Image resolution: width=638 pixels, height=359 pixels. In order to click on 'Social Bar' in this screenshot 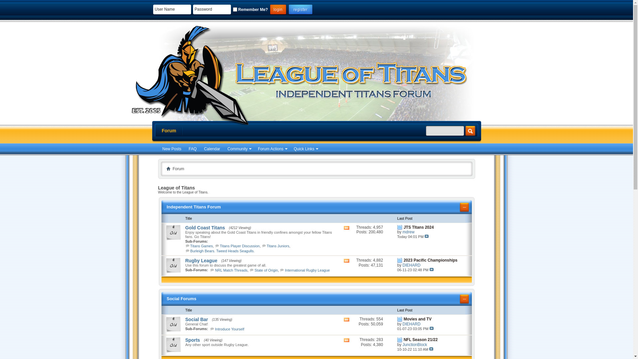, I will do `click(185, 319)`.